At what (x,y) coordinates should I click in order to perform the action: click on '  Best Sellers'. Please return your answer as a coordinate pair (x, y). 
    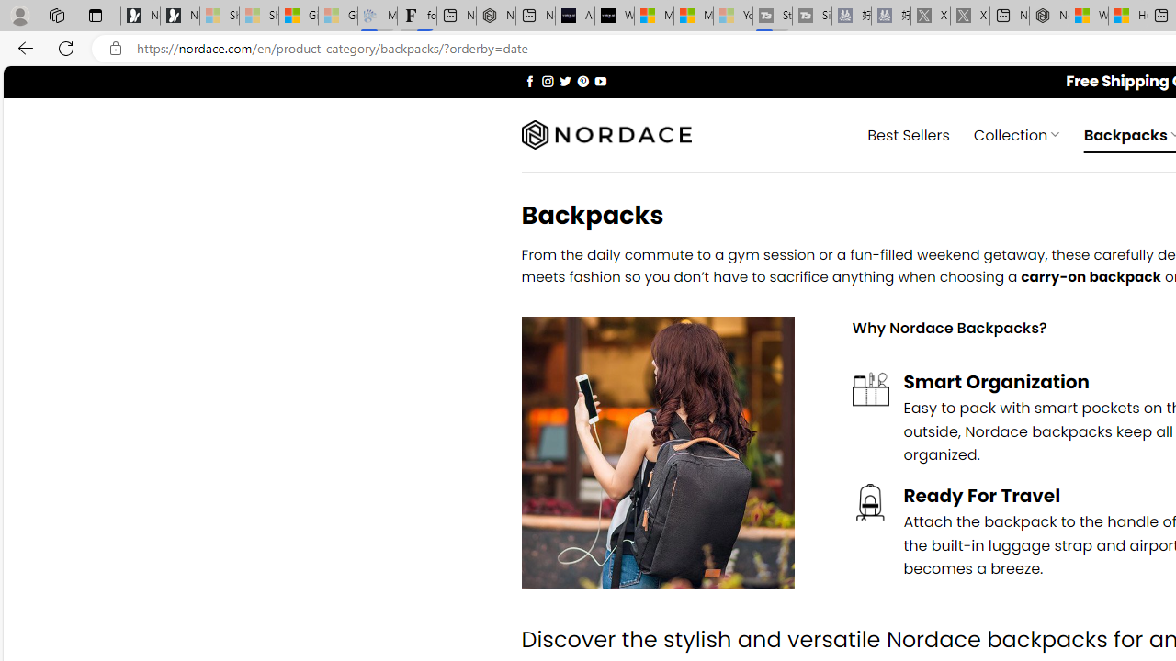
    Looking at the image, I should click on (909, 133).